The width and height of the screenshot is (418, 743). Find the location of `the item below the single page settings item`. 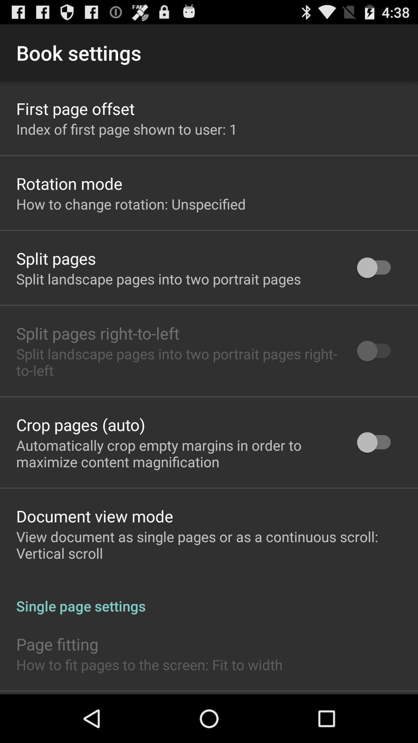

the item below the single page settings item is located at coordinates (57, 644).